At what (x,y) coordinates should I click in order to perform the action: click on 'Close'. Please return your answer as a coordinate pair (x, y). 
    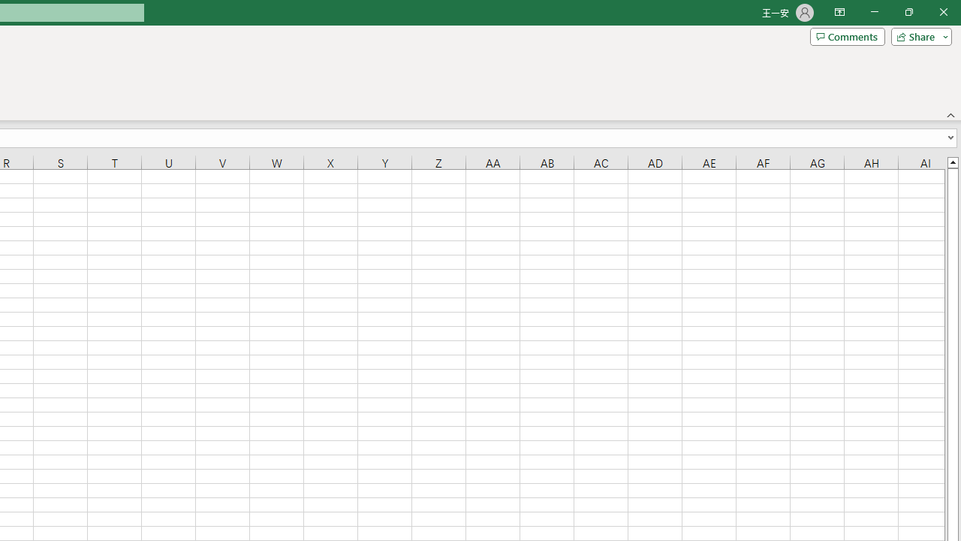
    Looking at the image, I should click on (942, 12).